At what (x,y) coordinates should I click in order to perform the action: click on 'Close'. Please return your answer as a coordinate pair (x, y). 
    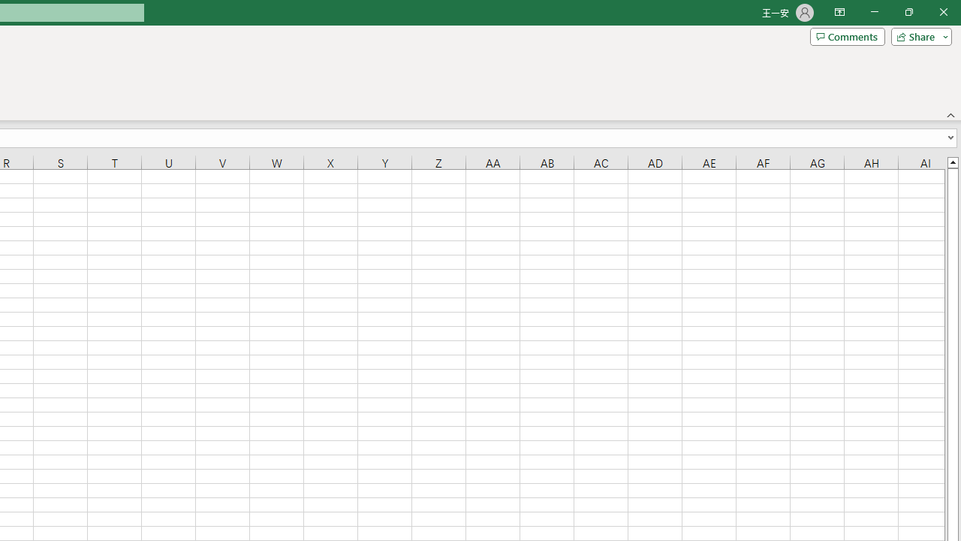
    Looking at the image, I should click on (942, 12).